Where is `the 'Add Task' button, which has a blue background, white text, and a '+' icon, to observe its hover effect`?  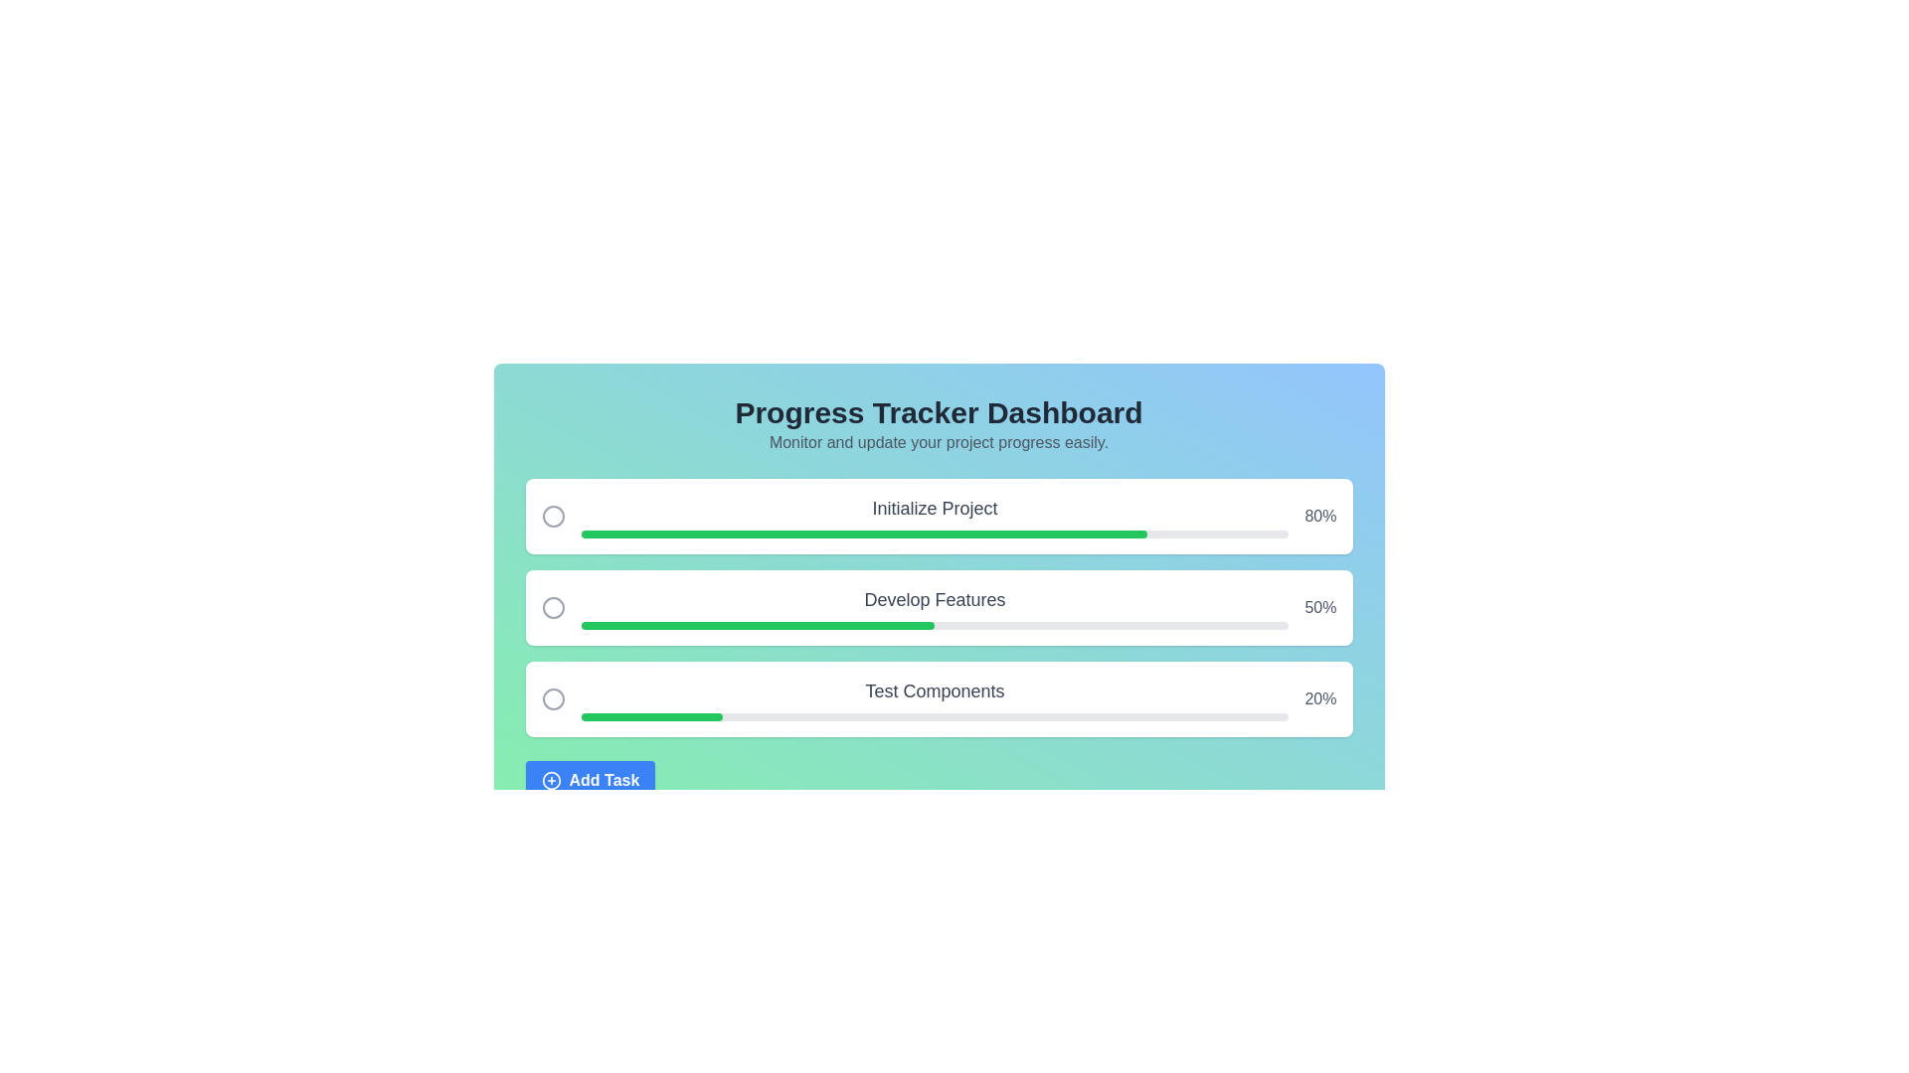
the 'Add Task' button, which has a blue background, white text, and a '+' icon, to observe its hover effect is located at coordinates (589, 780).